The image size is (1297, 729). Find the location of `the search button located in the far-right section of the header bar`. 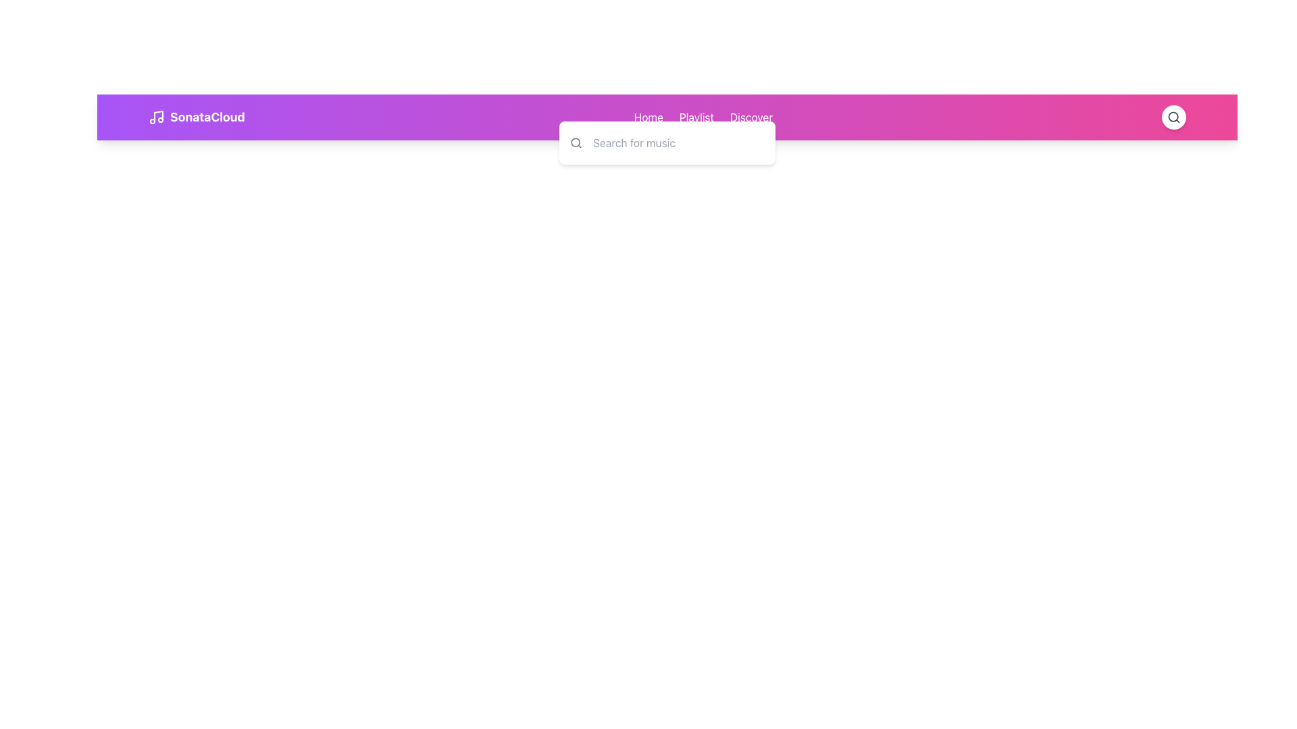

the search button located in the far-right section of the header bar is located at coordinates (1173, 116).